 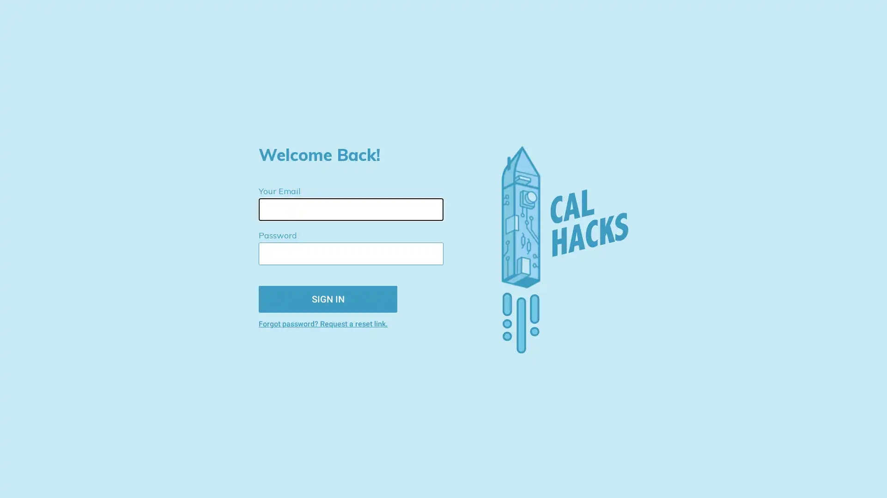 I want to click on SIGN IN, so click(x=328, y=299).